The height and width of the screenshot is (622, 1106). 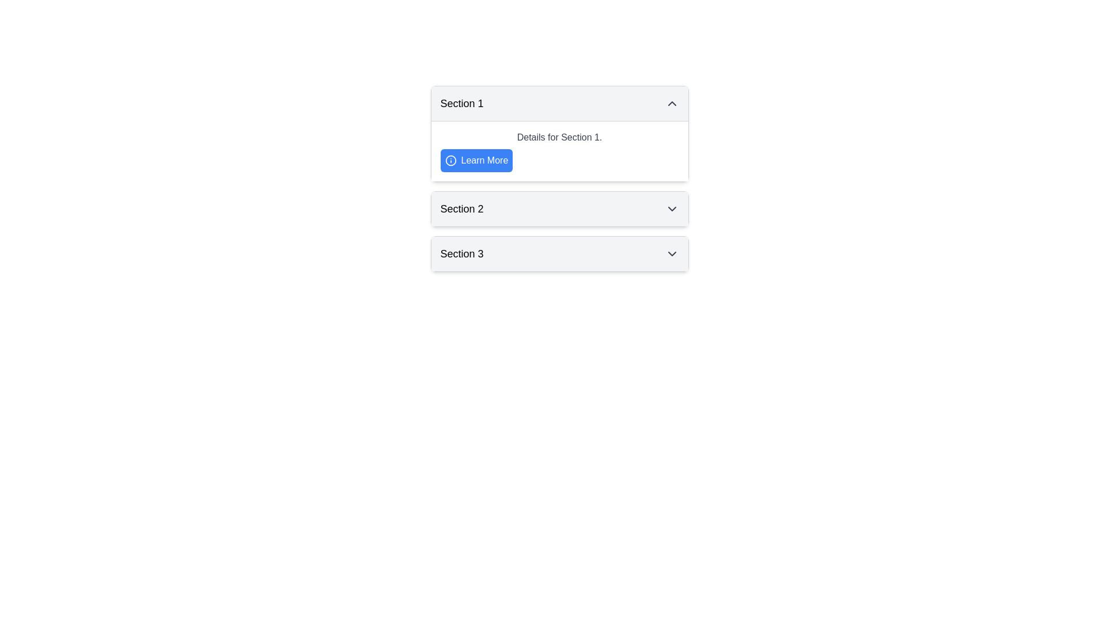 What do you see at coordinates (559, 208) in the screenshot?
I see `the 'Section 2' collapsible section header` at bounding box center [559, 208].